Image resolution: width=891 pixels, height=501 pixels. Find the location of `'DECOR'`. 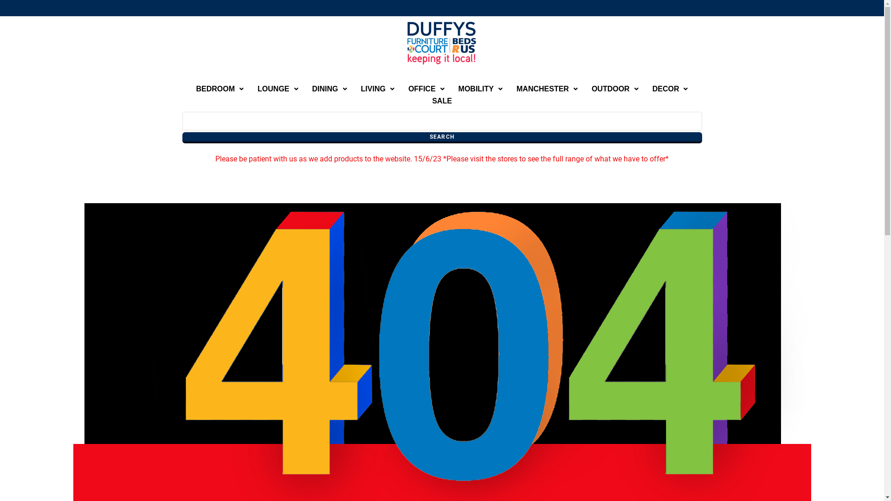

'DECOR' is located at coordinates (670, 89).